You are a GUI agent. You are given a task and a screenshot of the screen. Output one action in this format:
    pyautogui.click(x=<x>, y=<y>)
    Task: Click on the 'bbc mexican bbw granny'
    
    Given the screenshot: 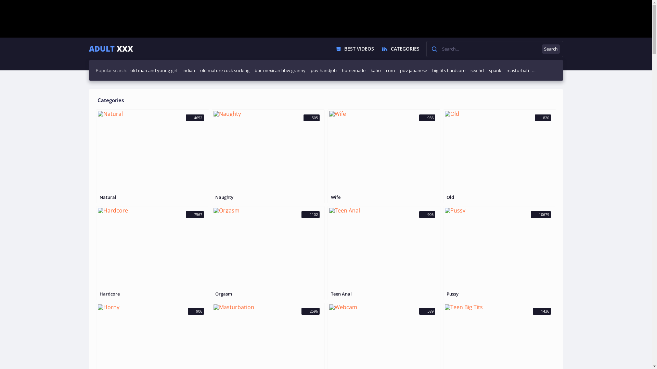 What is the action you would take?
    pyautogui.click(x=280, y=70)
    